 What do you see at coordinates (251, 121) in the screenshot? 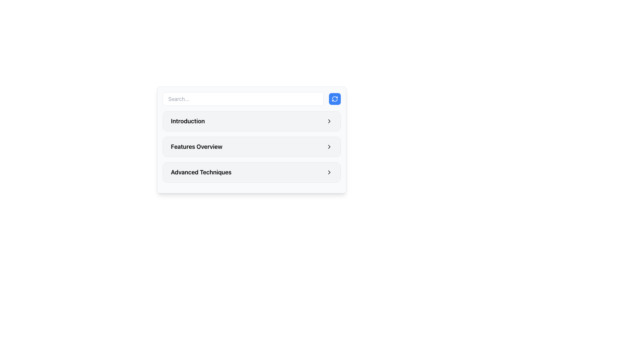
I see `the first button in the vertical stack` at bounding box center [251, 121].